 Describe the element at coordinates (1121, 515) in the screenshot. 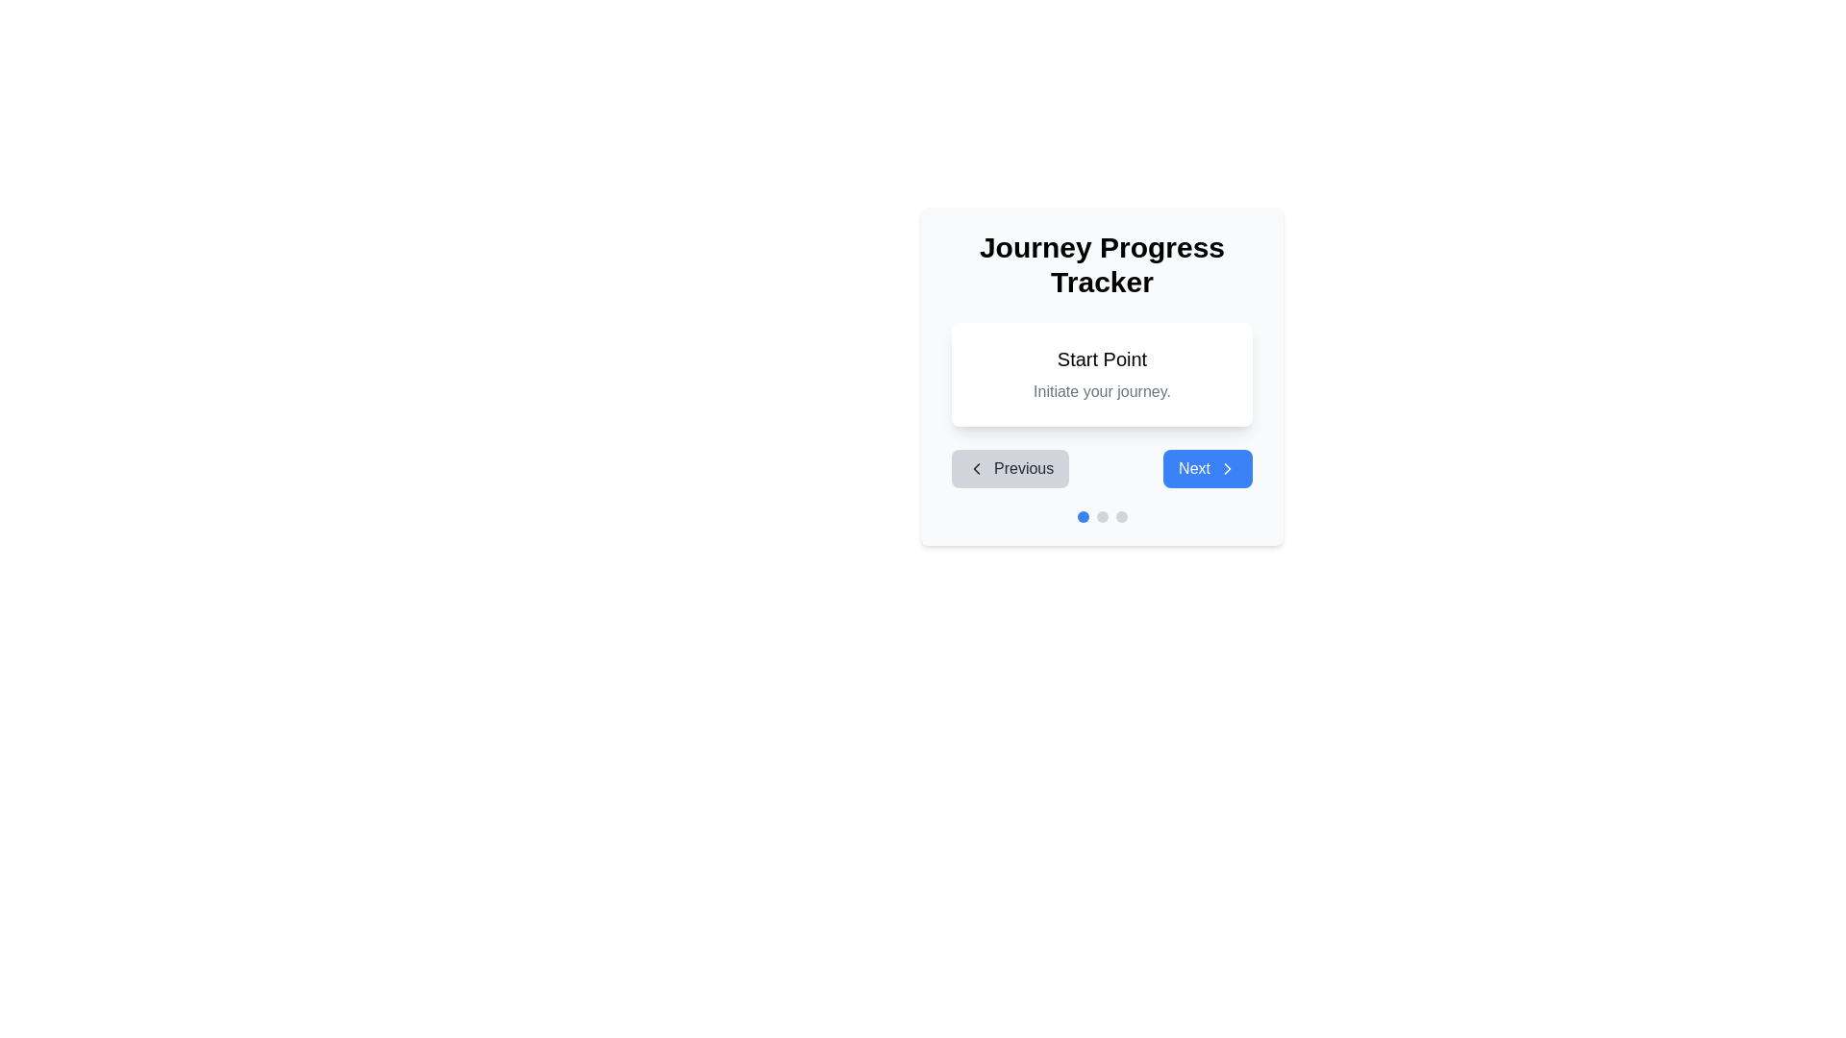

I see `the third circular progress indicator with a light gray background located below the main content area` at that location.